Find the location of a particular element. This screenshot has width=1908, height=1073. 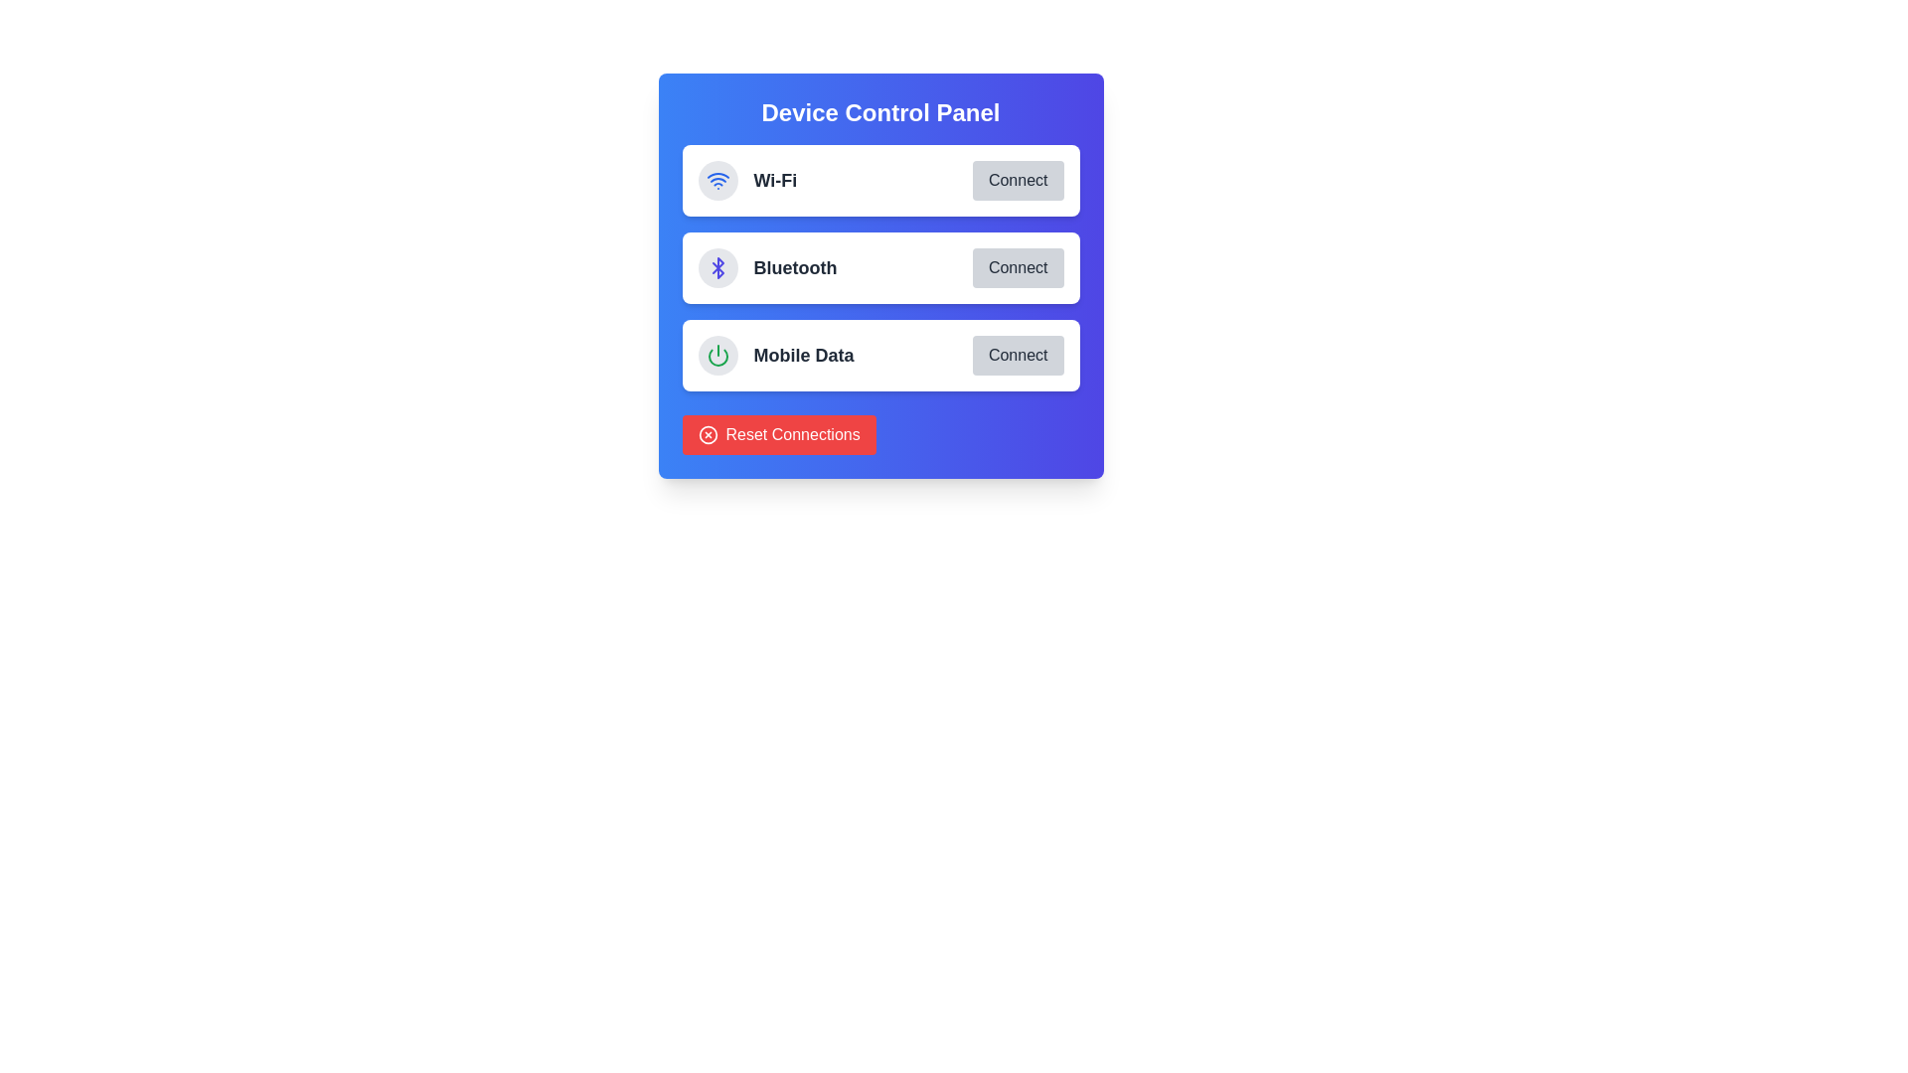

the small blue Bluetooth icon located to the left of the 'Bluetooth' label in the control panel interface is located at coordinates (716, 268).